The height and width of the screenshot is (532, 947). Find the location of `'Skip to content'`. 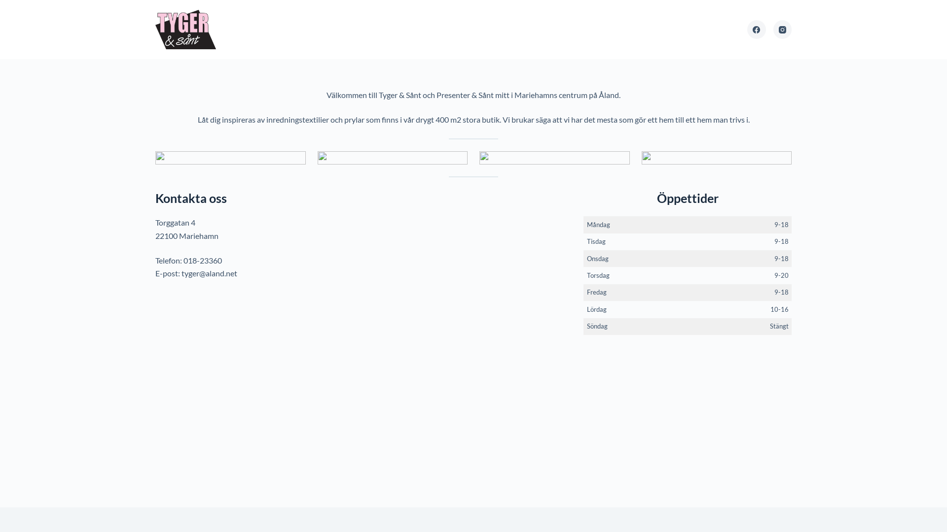

'Skip to content' is located at coordinates (9, 5).